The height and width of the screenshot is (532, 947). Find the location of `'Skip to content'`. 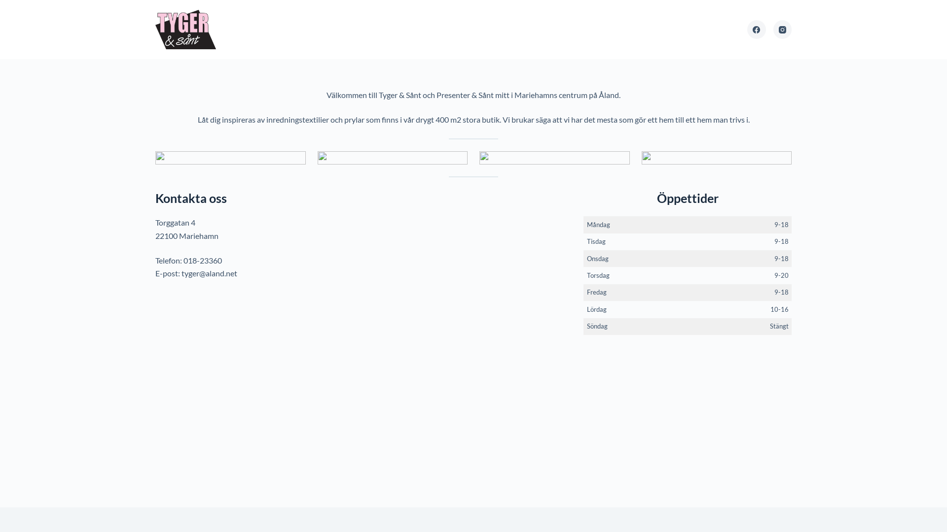

'Skip to content' is located at coordinates (9, 5).